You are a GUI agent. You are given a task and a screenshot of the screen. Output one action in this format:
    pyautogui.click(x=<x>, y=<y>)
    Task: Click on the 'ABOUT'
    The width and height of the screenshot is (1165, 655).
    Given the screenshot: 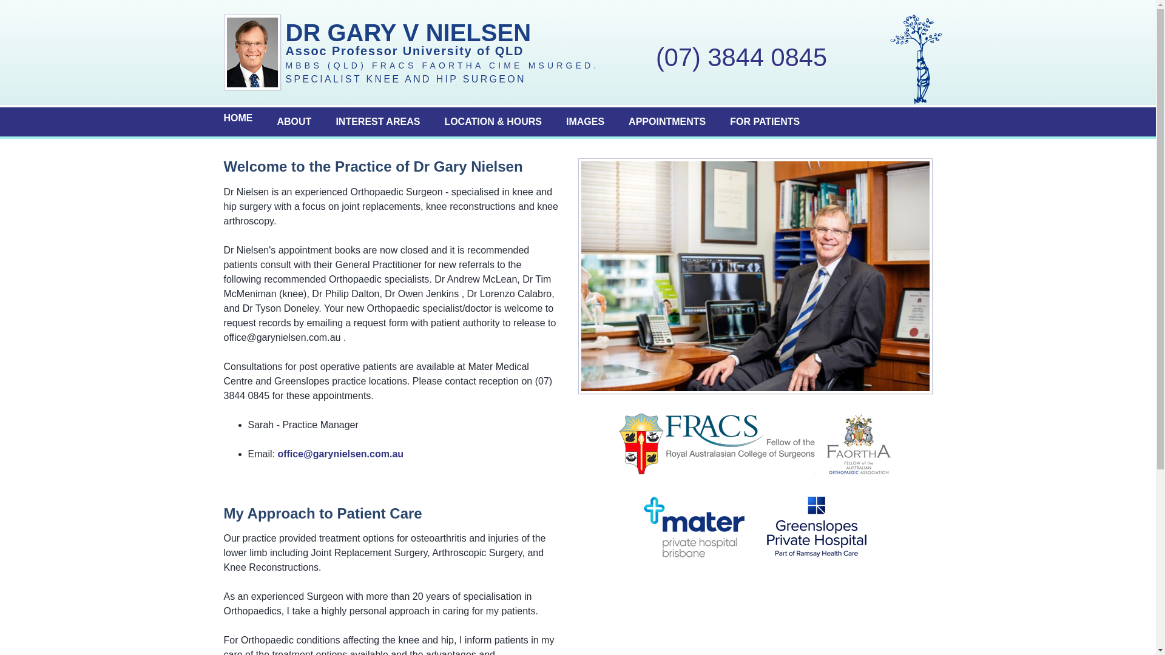 What is the action you would take?
    pyautogui.click(x=294, y=121)
    